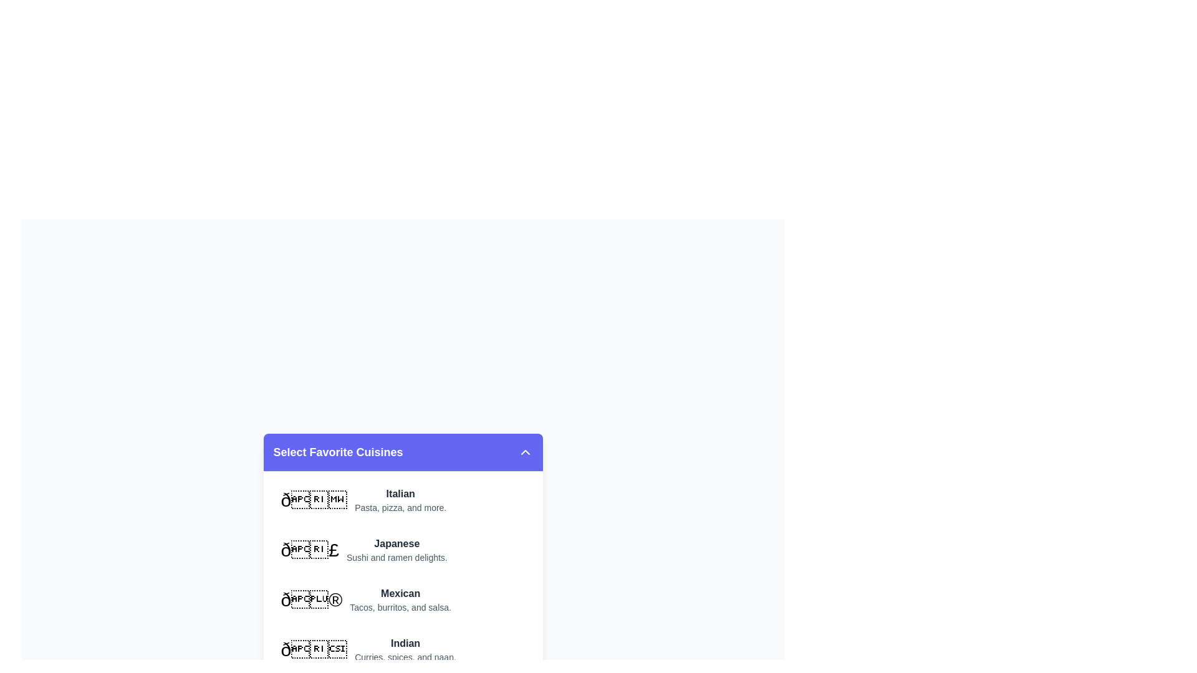 The height and width of the screenshot is (673, 1197). Describe the element at coordinates (400, 507) in the screenshot. I see `the text label that provides additional information related to the cuisine title 'Italian', which is the second line of text in the Select Favorite Cuisines section` at that location.